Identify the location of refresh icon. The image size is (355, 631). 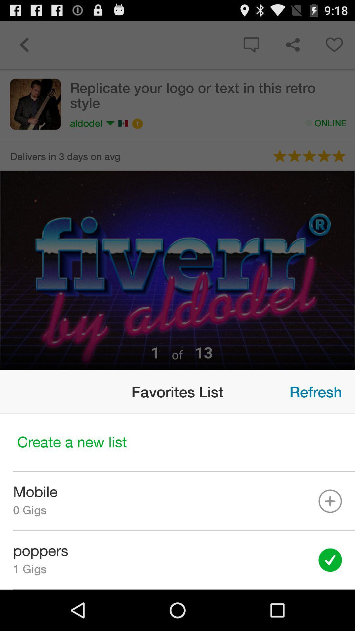
(315, 392).